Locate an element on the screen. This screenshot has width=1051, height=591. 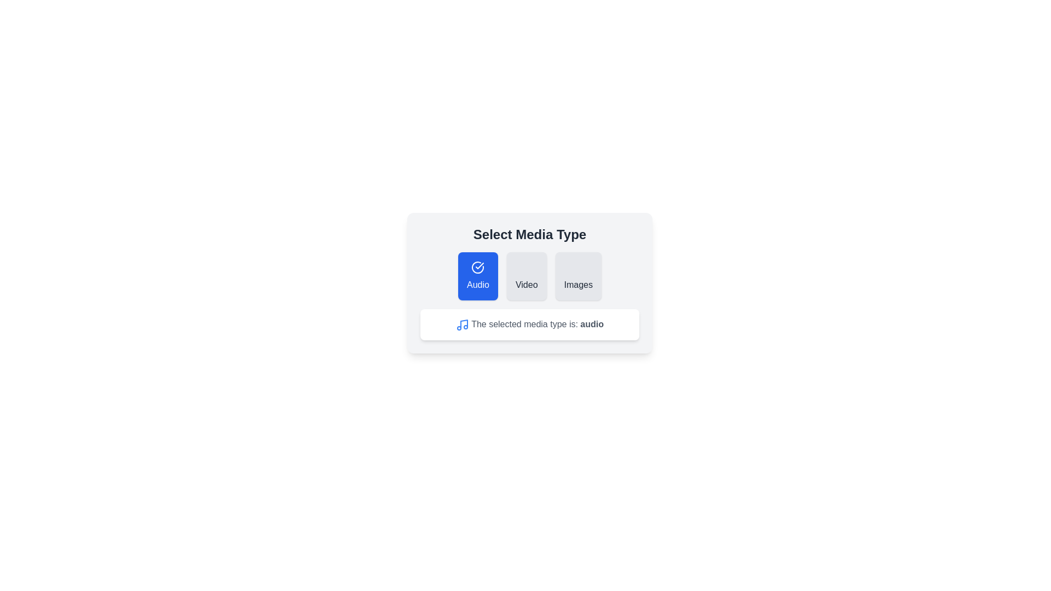
the 'Audio' button located in the 'Select Media Type' section is located at coordinates (478, 276).